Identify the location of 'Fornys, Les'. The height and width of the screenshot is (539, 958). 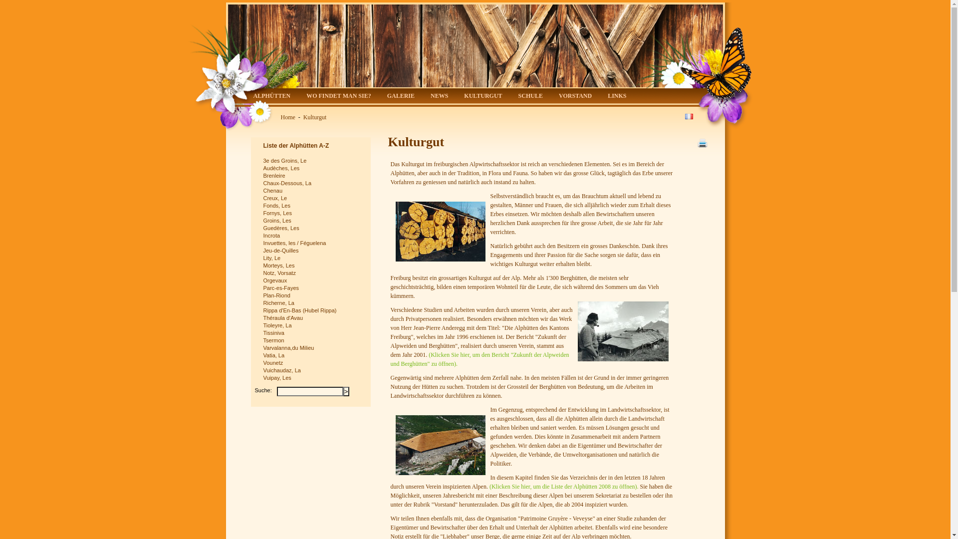
(263, 213).